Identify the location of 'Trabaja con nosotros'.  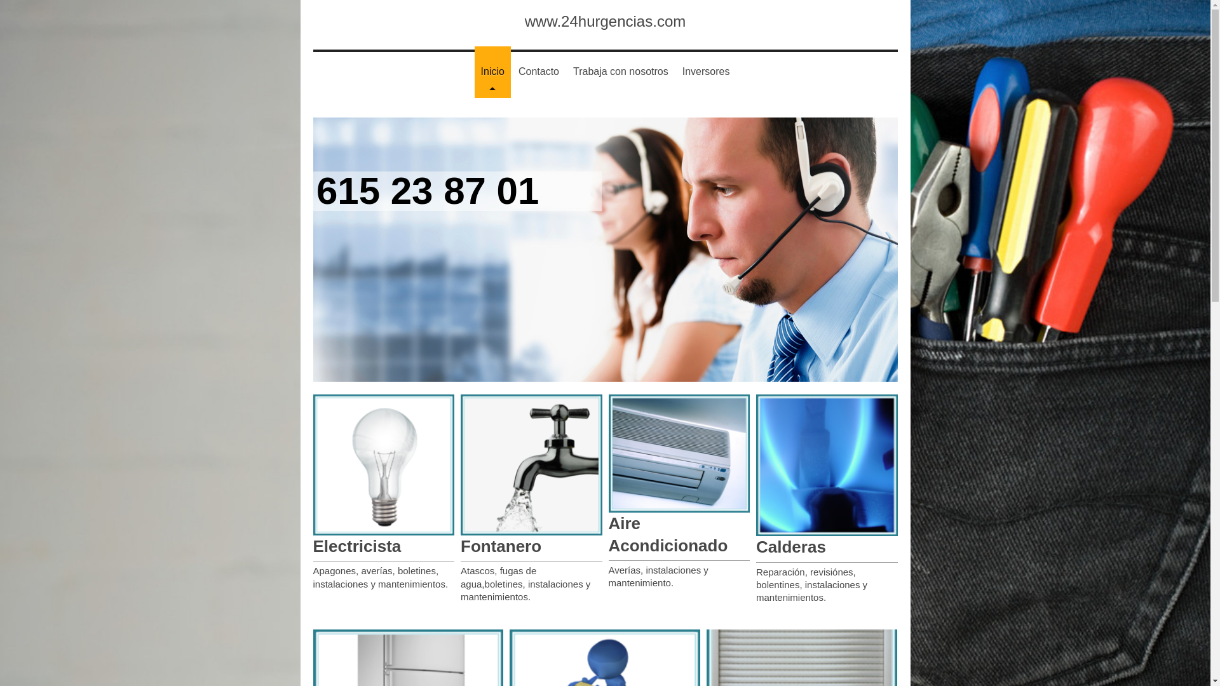
(566, 72).